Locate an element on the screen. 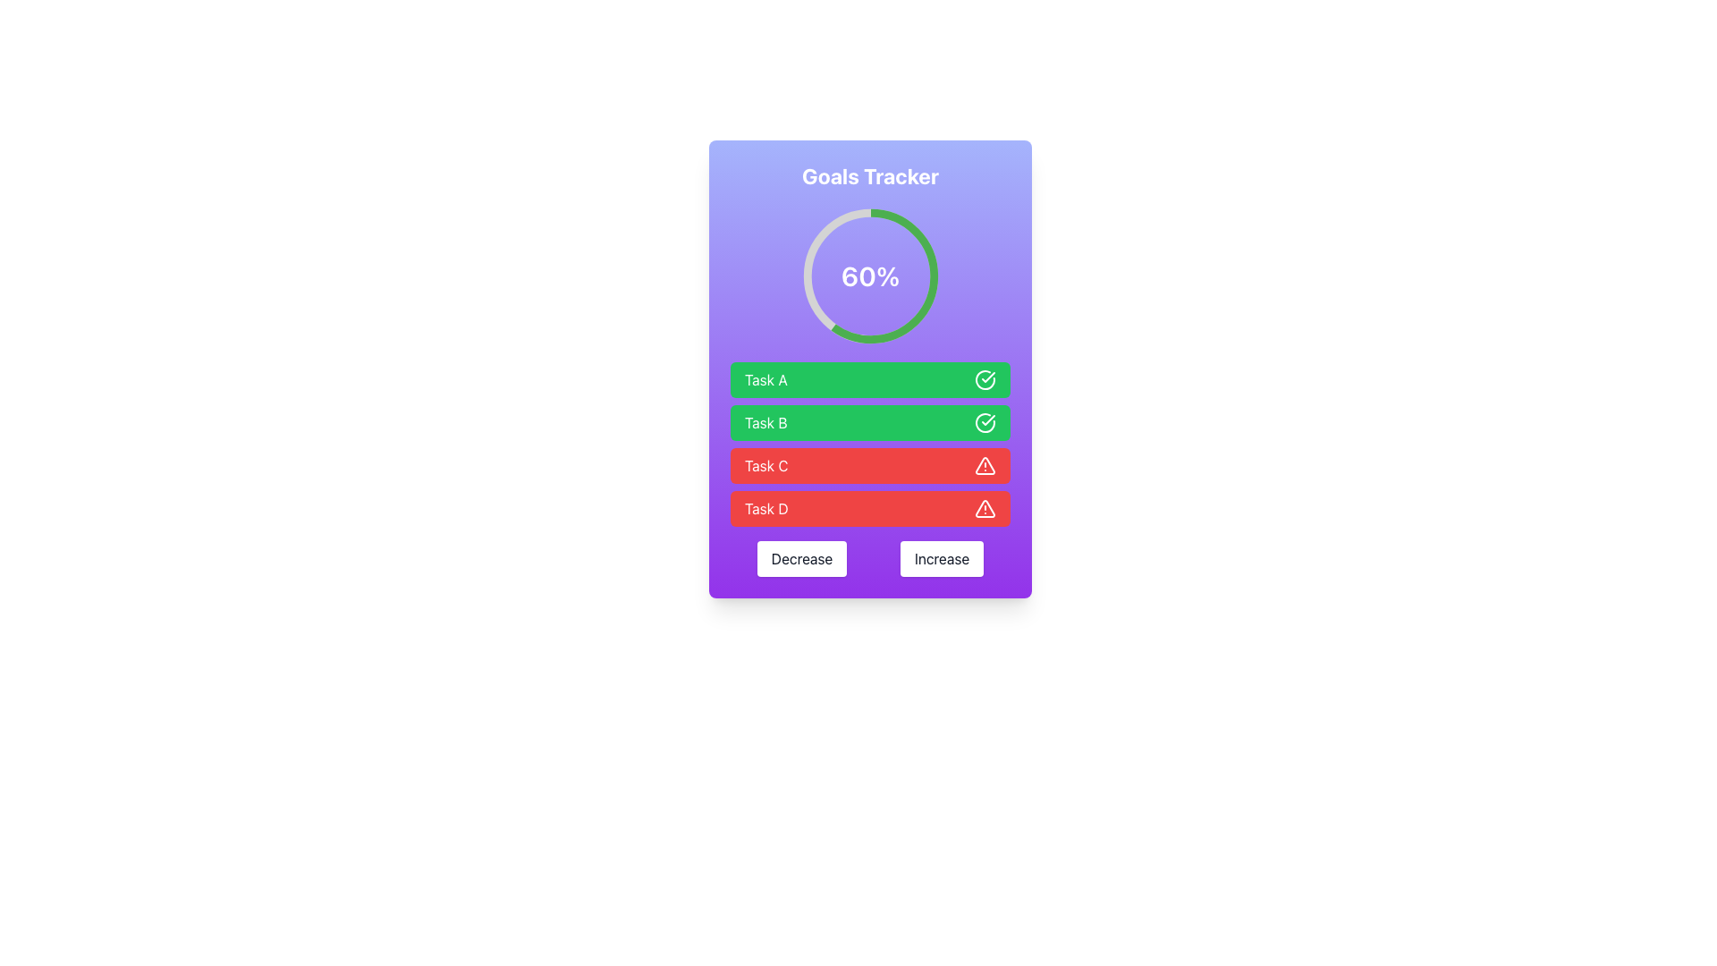 The image size is (1717, 966). the success icon indicating completion associated with 'Task B', located on the right side of the green bar is located at coordinates (987, 376).